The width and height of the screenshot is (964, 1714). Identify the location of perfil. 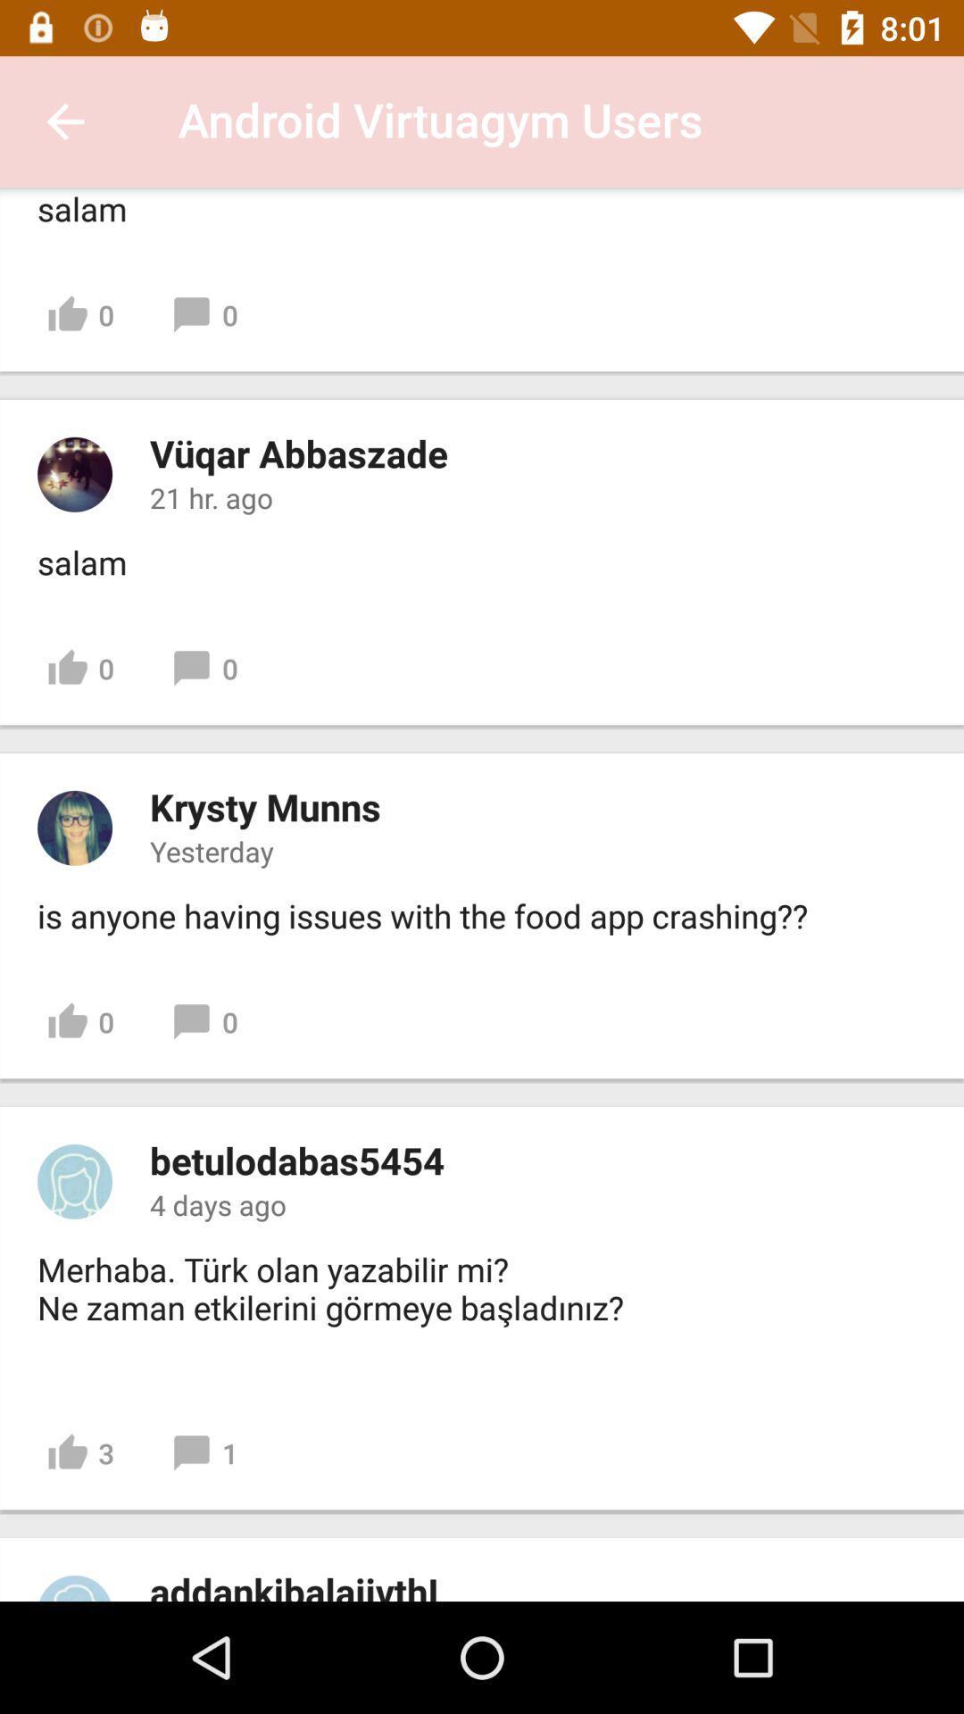
(74, 474).